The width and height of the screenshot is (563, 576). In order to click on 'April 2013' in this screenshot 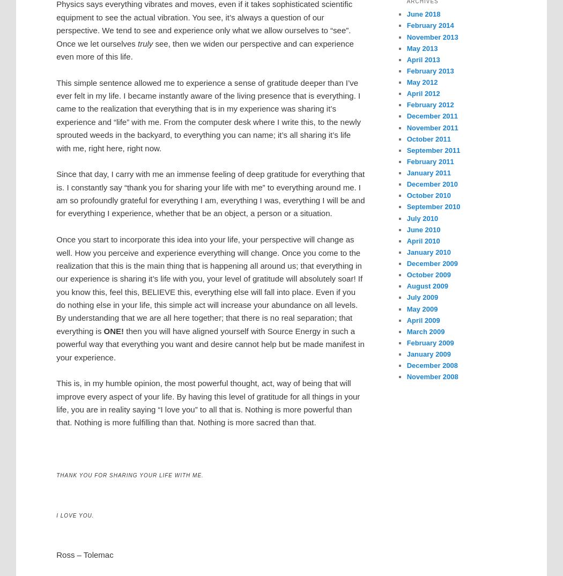, I will do `click(423, 58)`.